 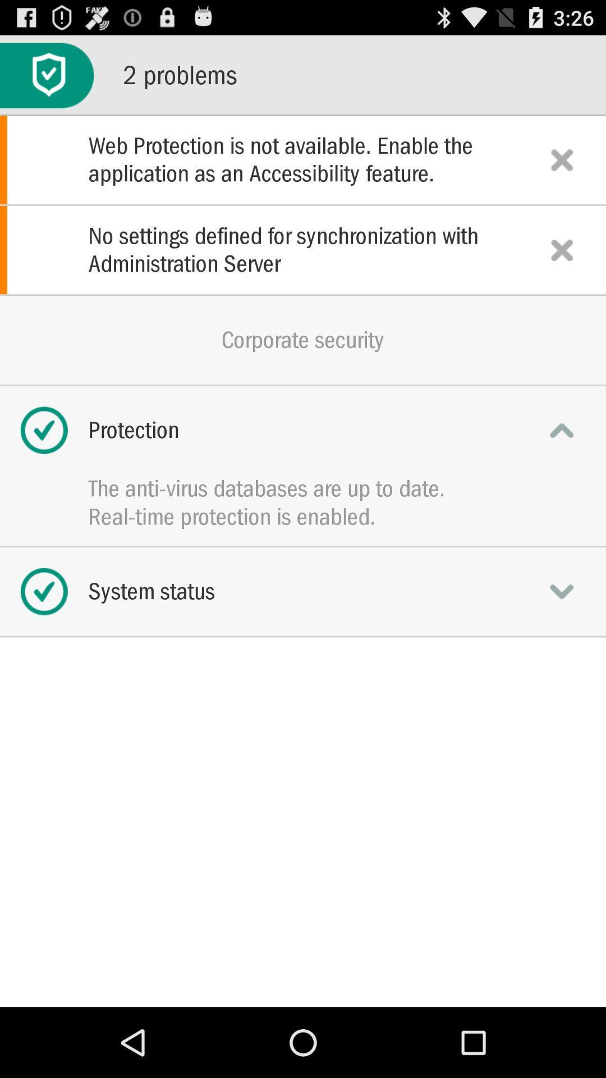 What do you see at coordinates (46, 75) in the screenshot?
I see `item next to 2 problems` at bounding box center [46, 75].